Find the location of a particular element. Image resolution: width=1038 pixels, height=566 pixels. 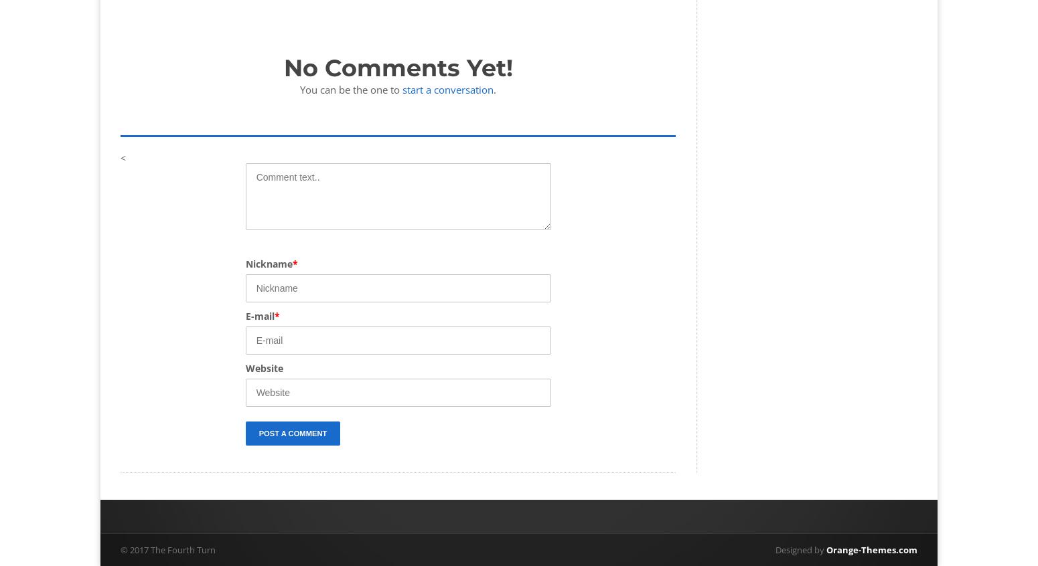

'<' is located at coordinates (119, 158).